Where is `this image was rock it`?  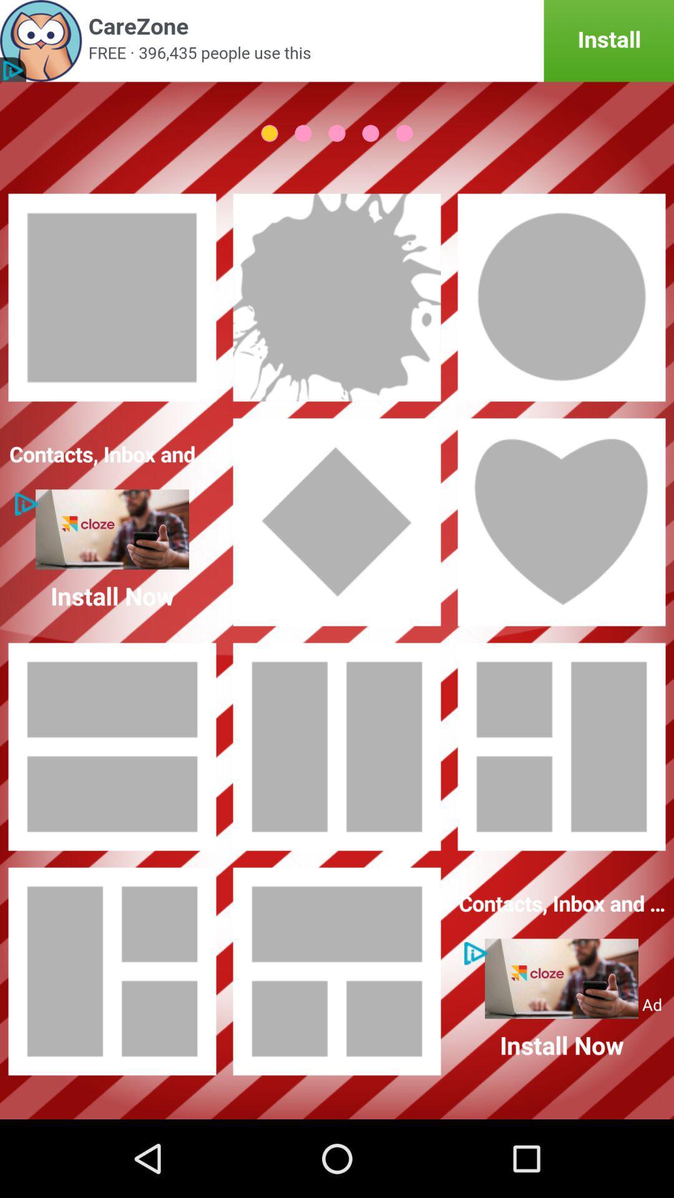
this image was rock it is located at coordinates (337, 296).